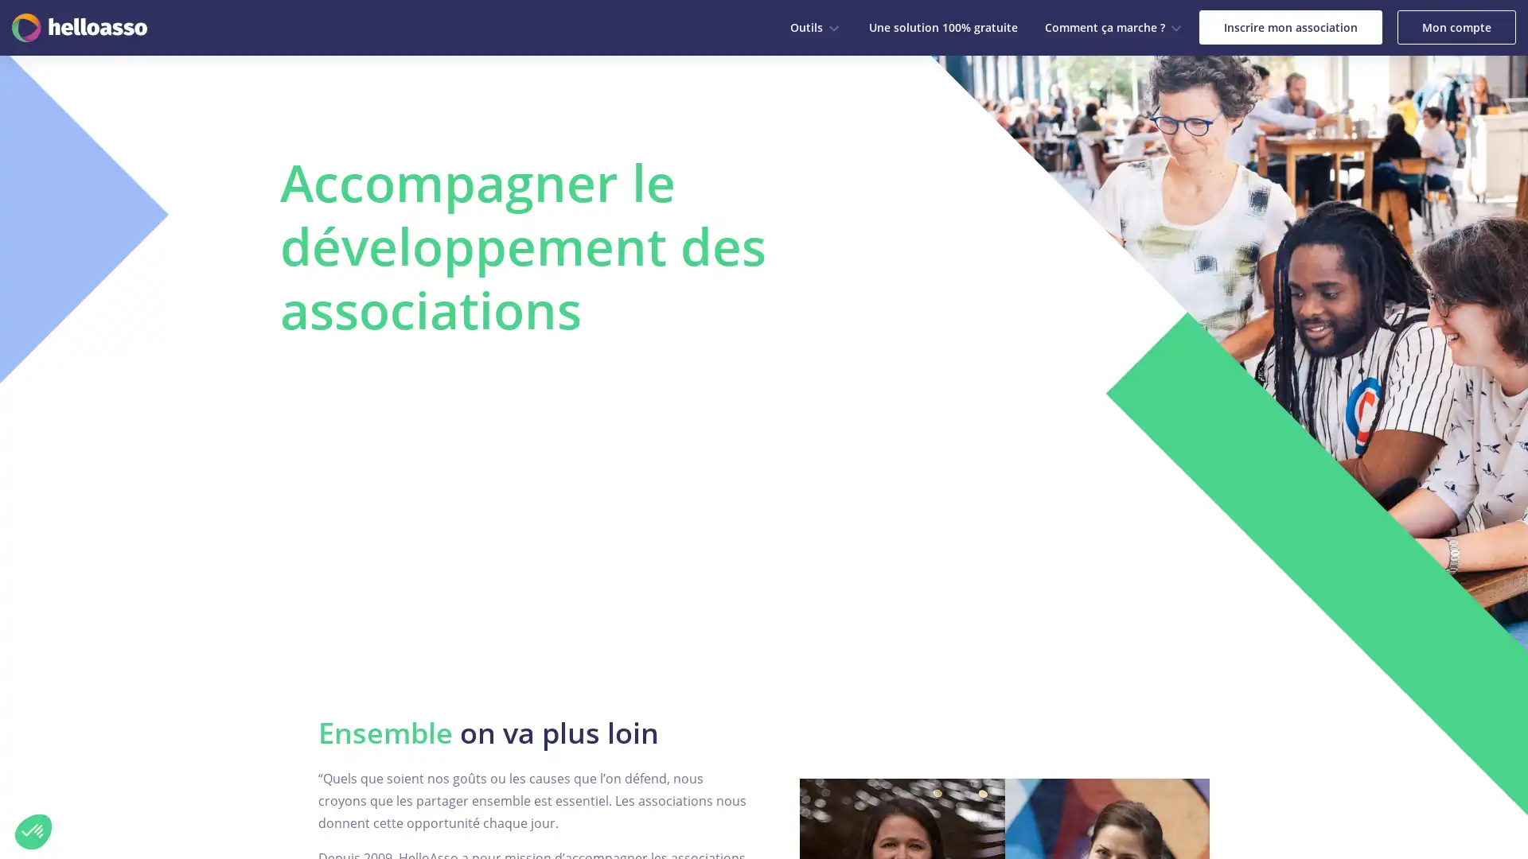 The width and height of the screenshot is (1528, 859). What do you see at coordinates (33, 830) in the screenshot?
I see `Non merci` at bounding box center [33, 830].